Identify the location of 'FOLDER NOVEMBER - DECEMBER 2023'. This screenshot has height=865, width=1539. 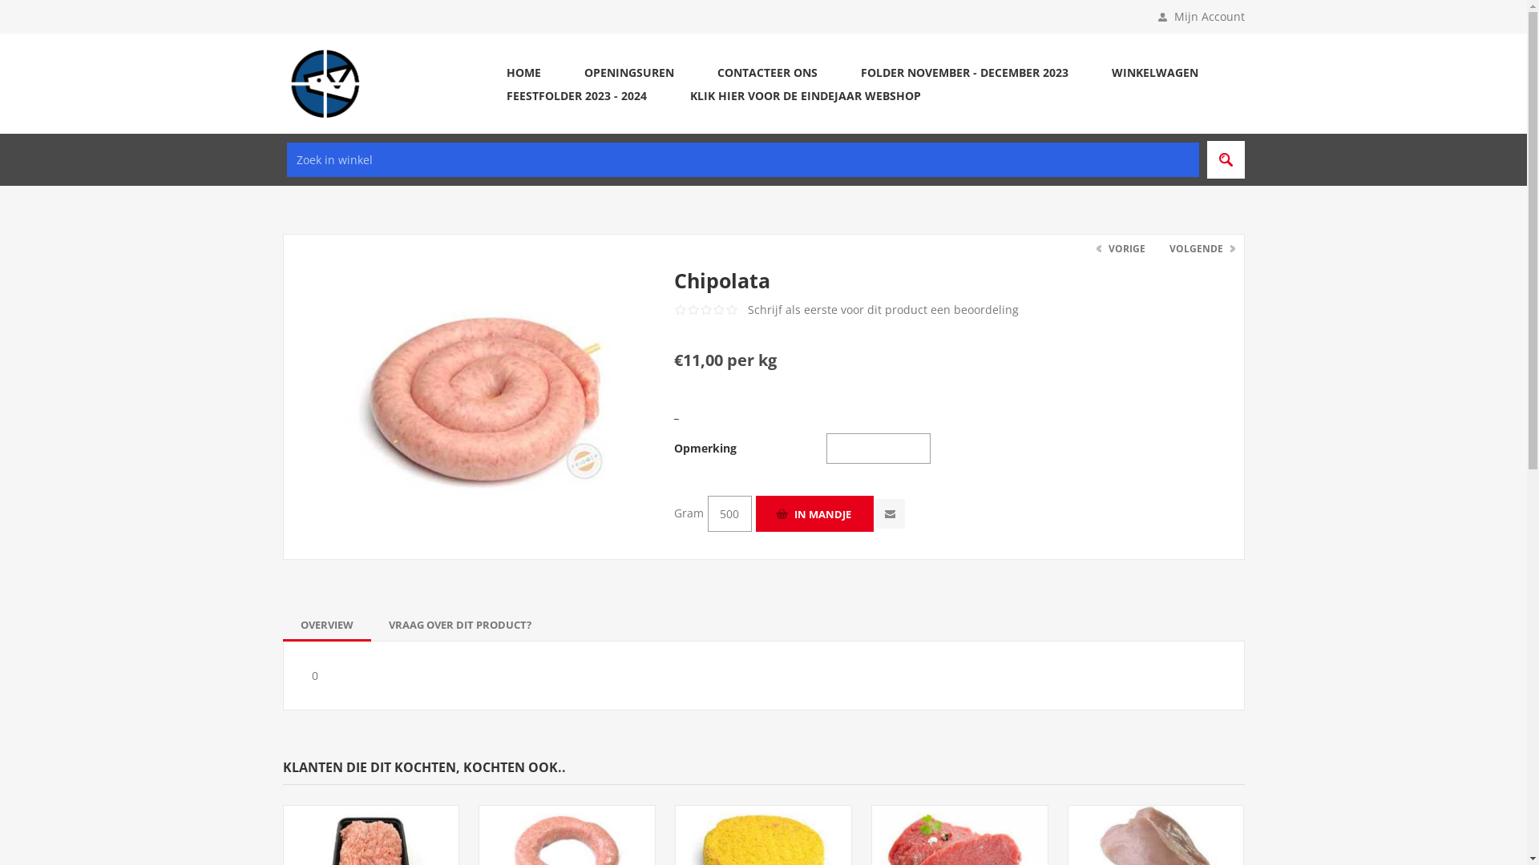
(963, 72).